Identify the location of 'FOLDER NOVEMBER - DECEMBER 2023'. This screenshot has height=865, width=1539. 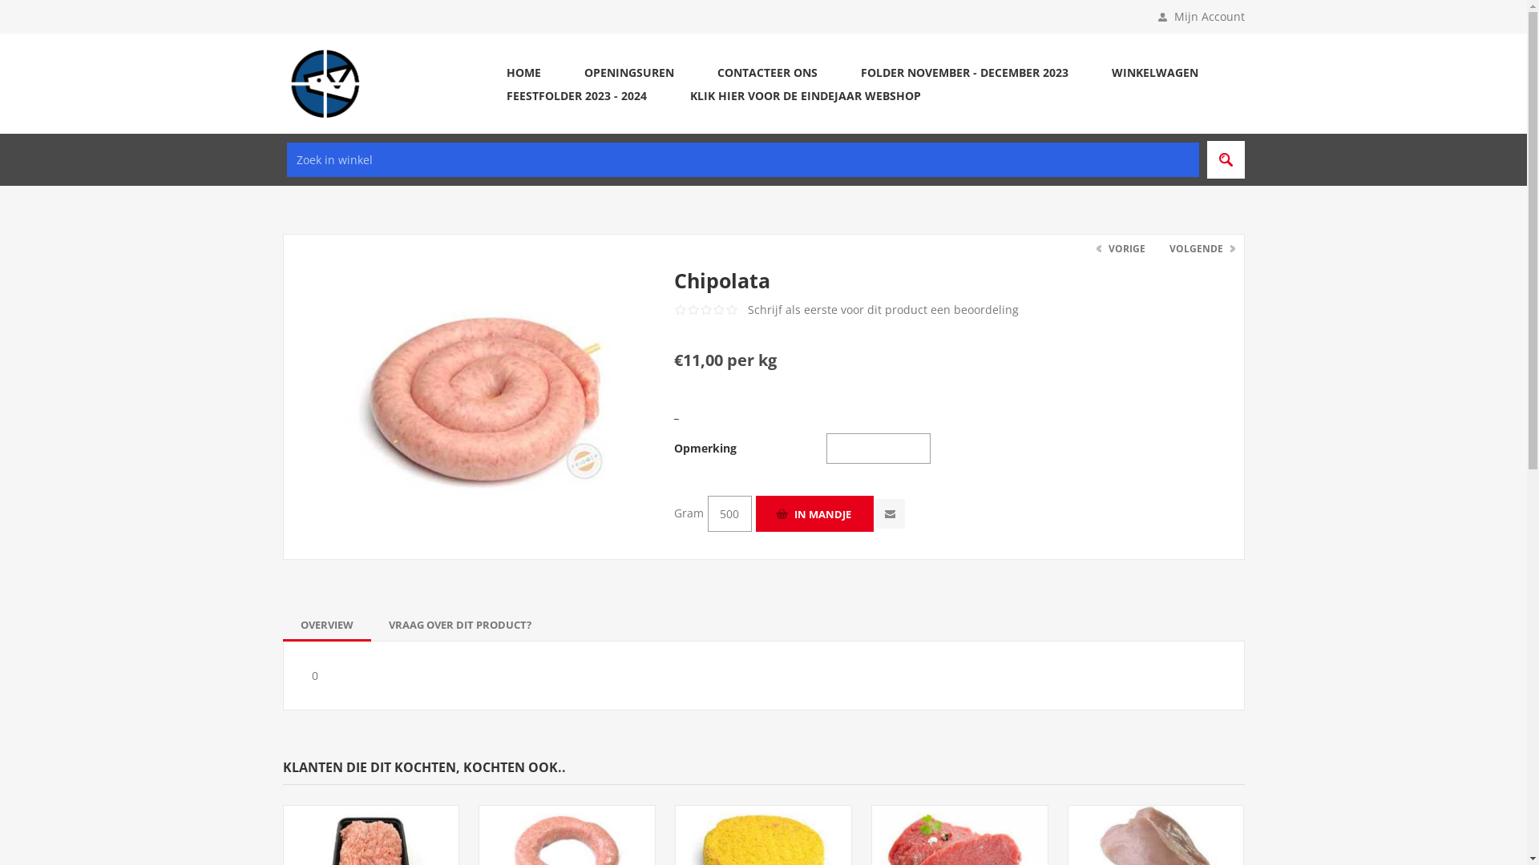
(963, 72).